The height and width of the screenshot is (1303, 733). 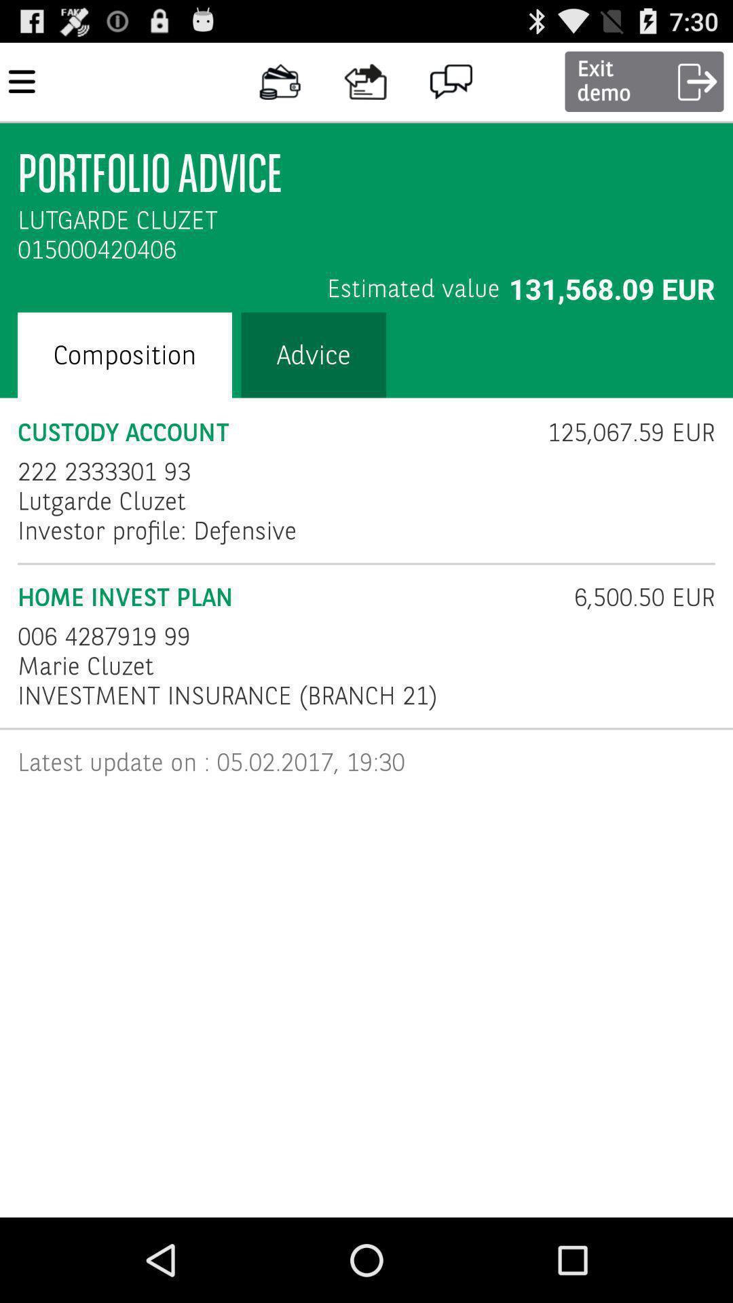 What do you see at coordinates (635, 597) in the screenshot?
I see `checkbox to the right of home invest plan icon` at bounding box center [635, 597].